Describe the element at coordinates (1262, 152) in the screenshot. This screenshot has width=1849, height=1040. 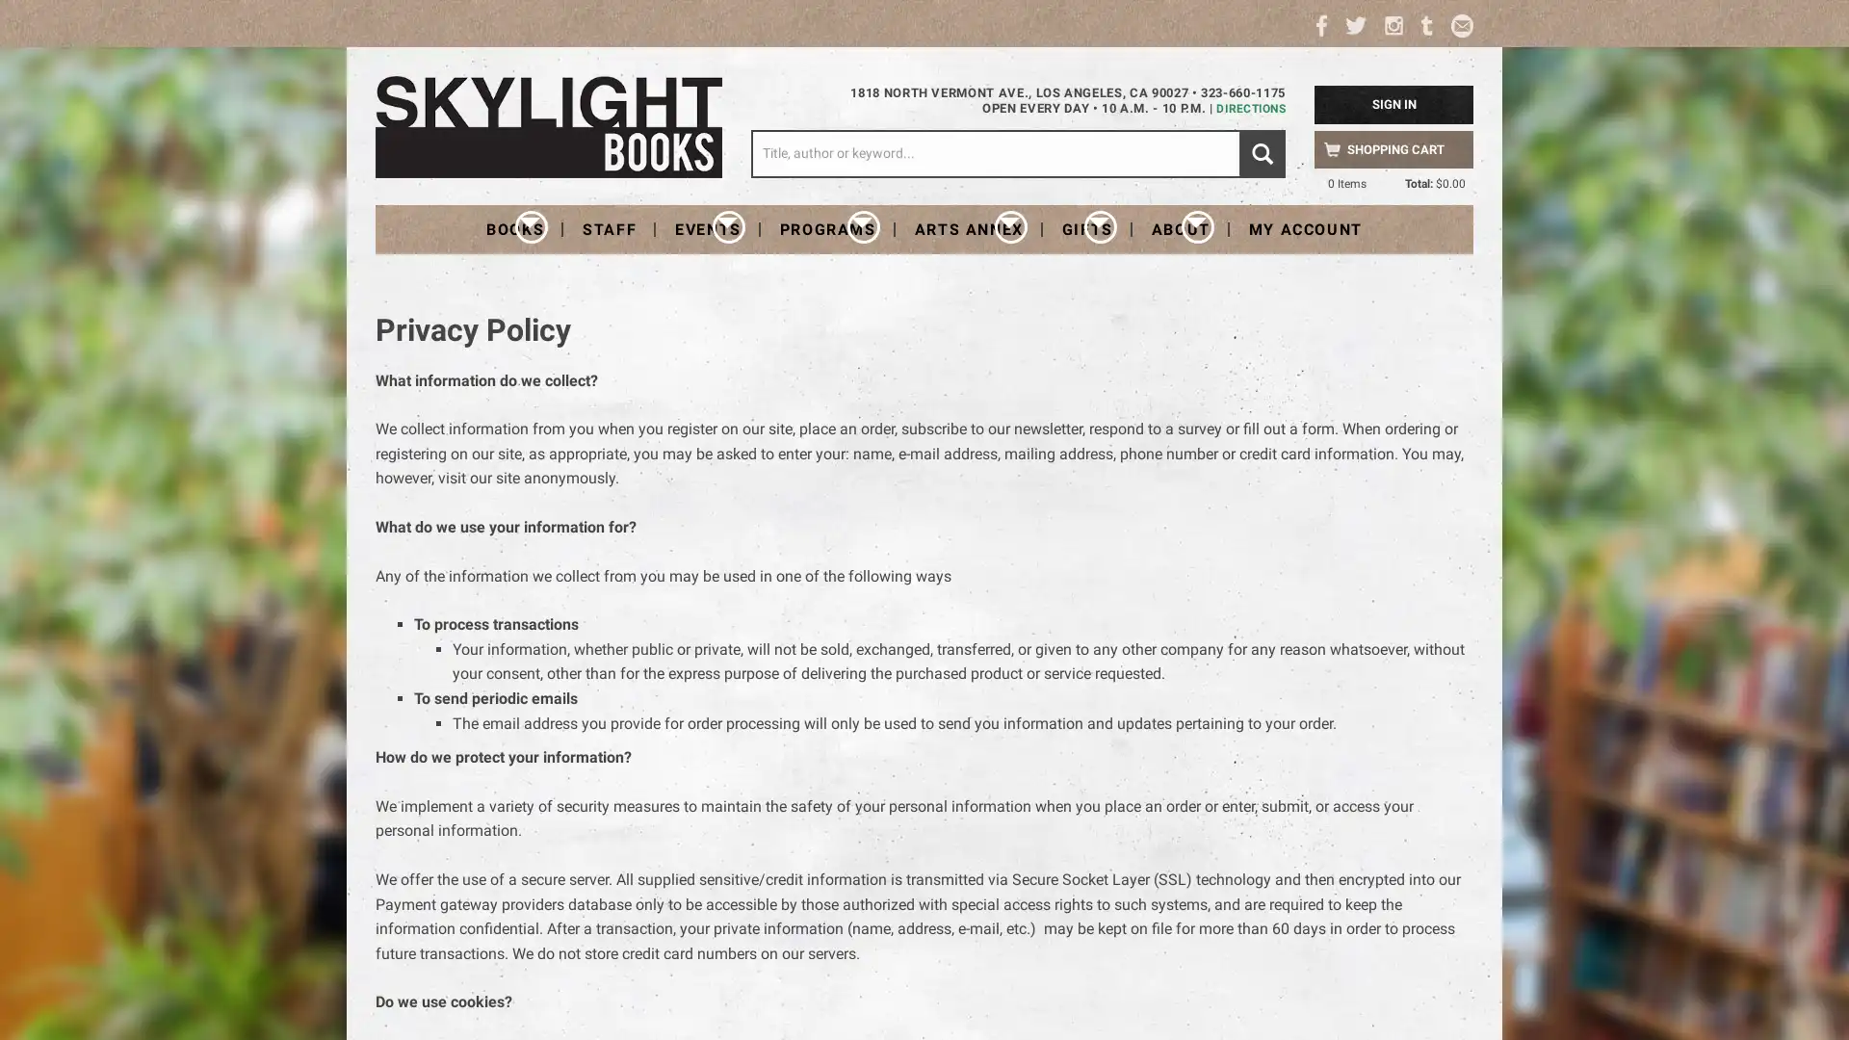
I see `search` at that location.